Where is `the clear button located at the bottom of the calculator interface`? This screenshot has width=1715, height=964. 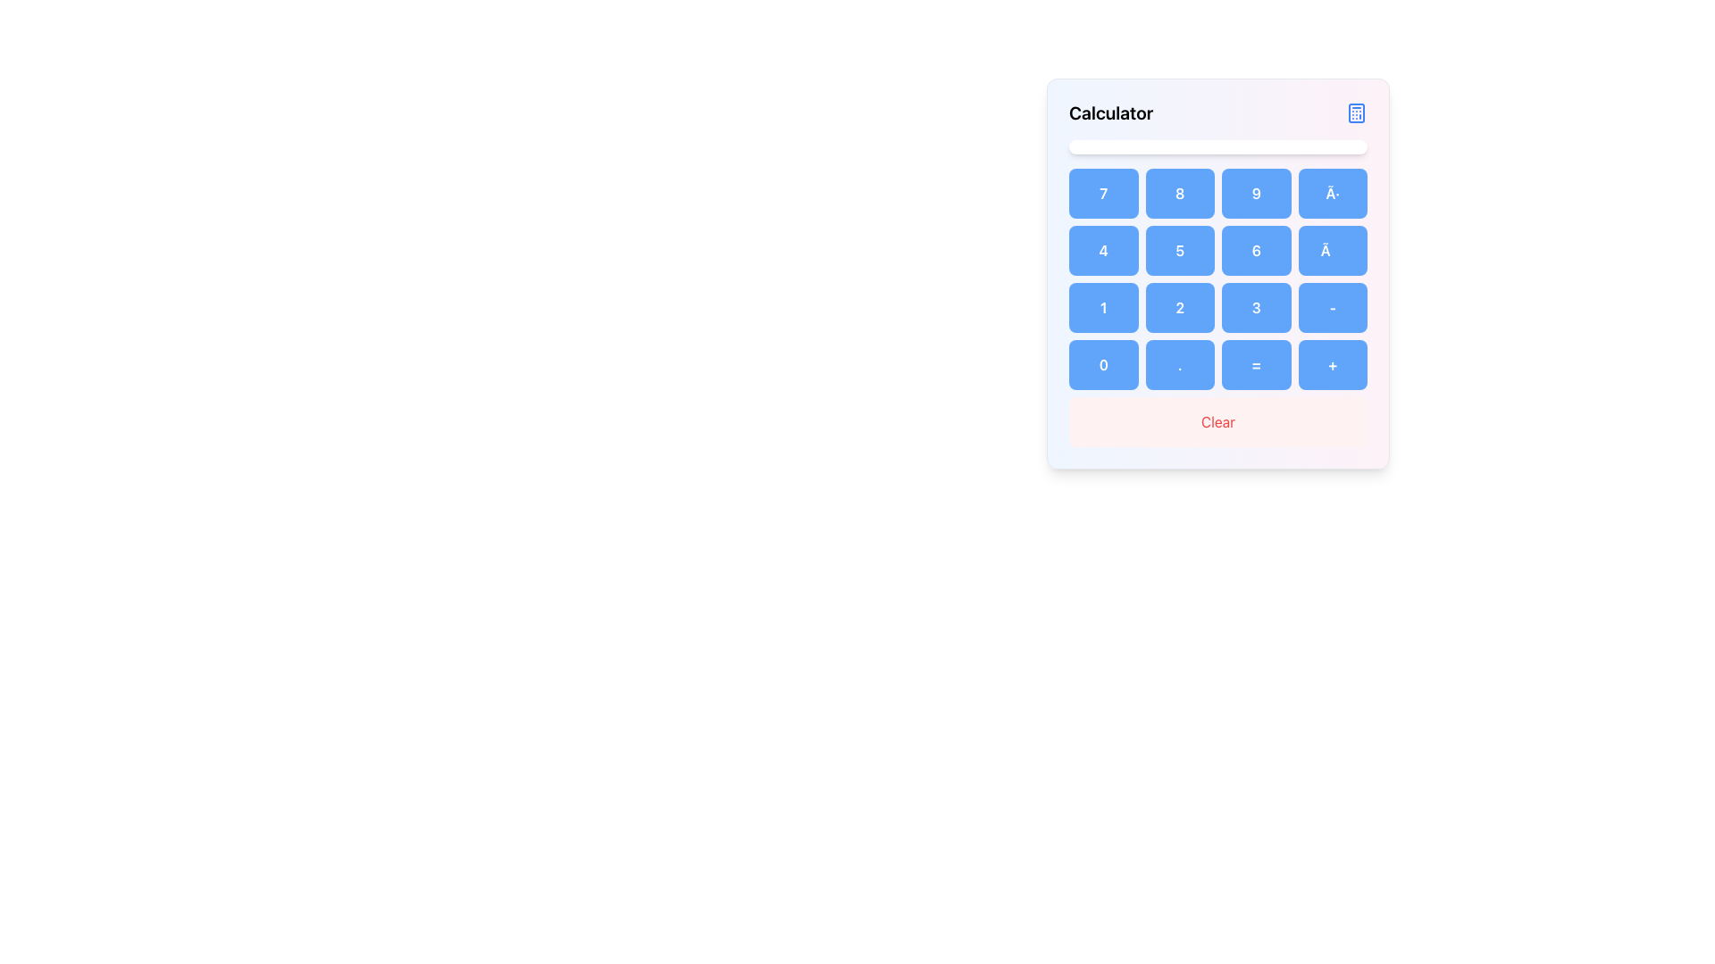
the clear button located at the bottom of the calculator interface is located at coordinates (1217, 422).